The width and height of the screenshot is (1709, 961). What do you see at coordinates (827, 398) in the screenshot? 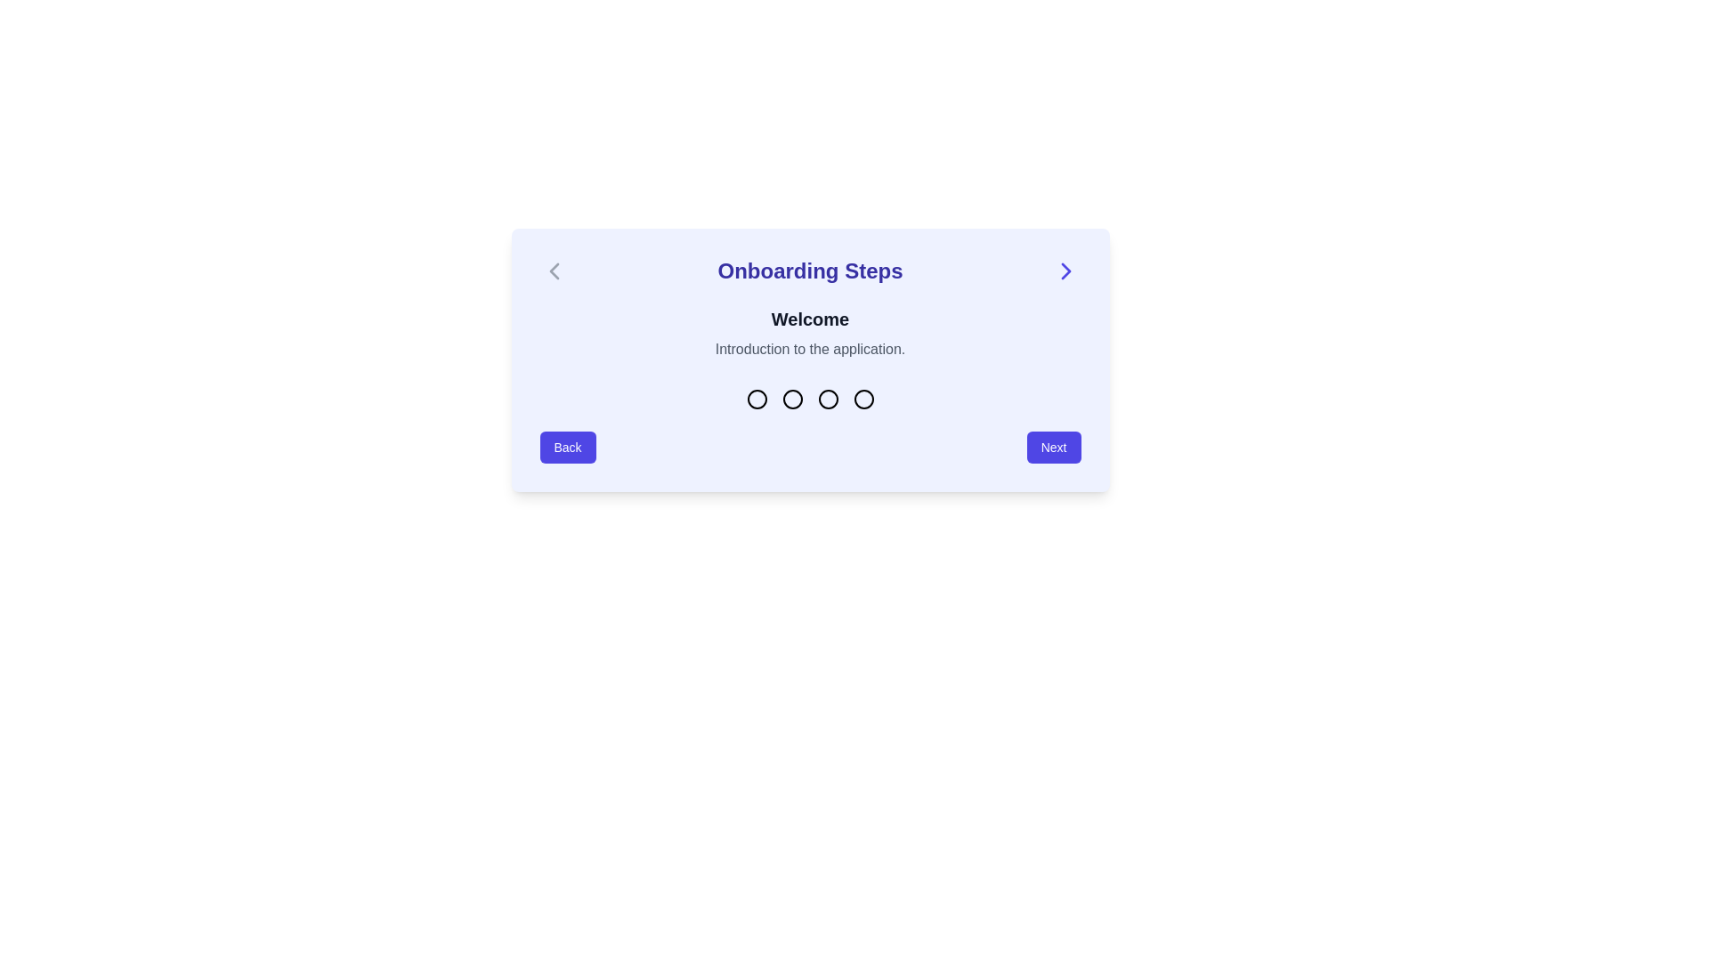
I see `the third circle of the progress indicator, which represents one step in the onboarding process located beneath the heading 'Onboarding Steps'` at bounding box center [827, 398].